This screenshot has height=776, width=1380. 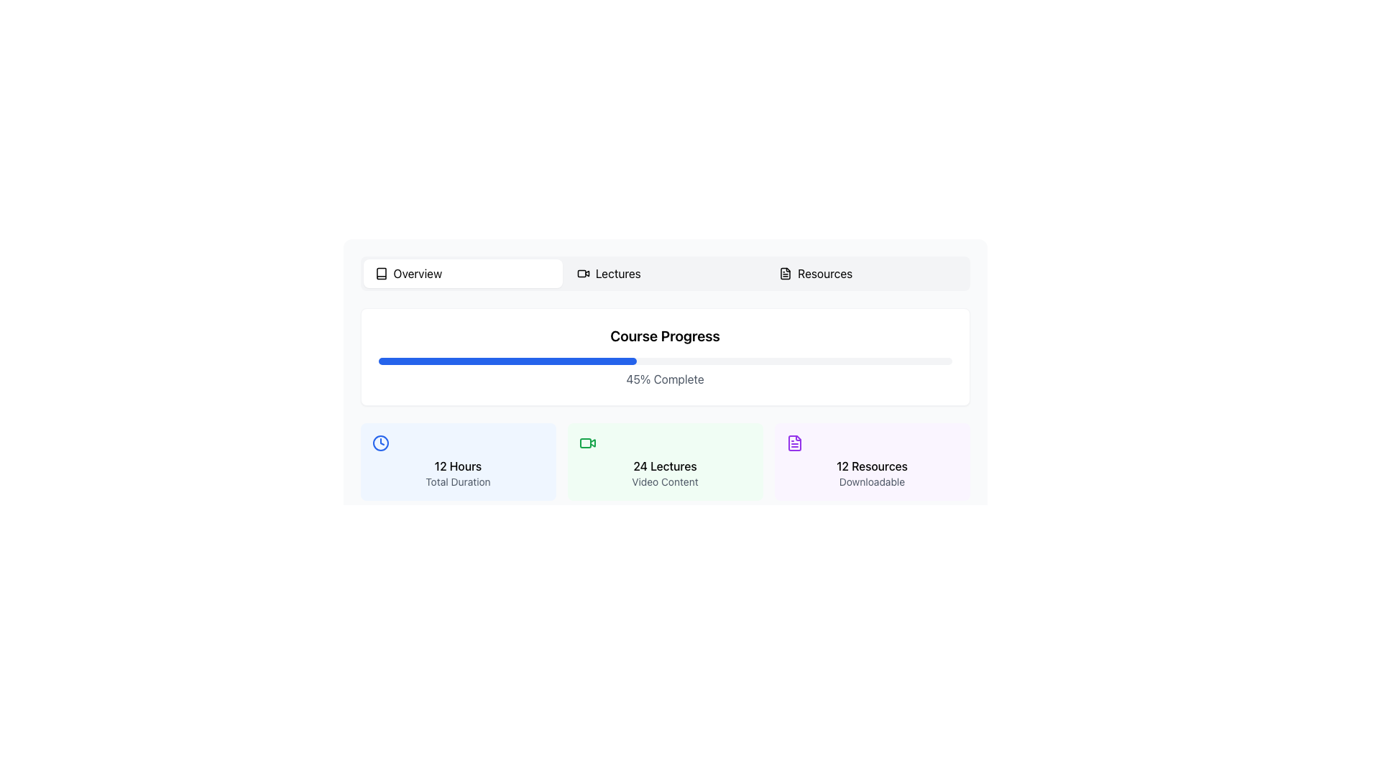 What do you see at coordinates (381, 274) in the screenshot?
I see `the 'Overview' tab icon, which is an SVG graphic located to the left of the tab label` at bounding box center [381, 274].